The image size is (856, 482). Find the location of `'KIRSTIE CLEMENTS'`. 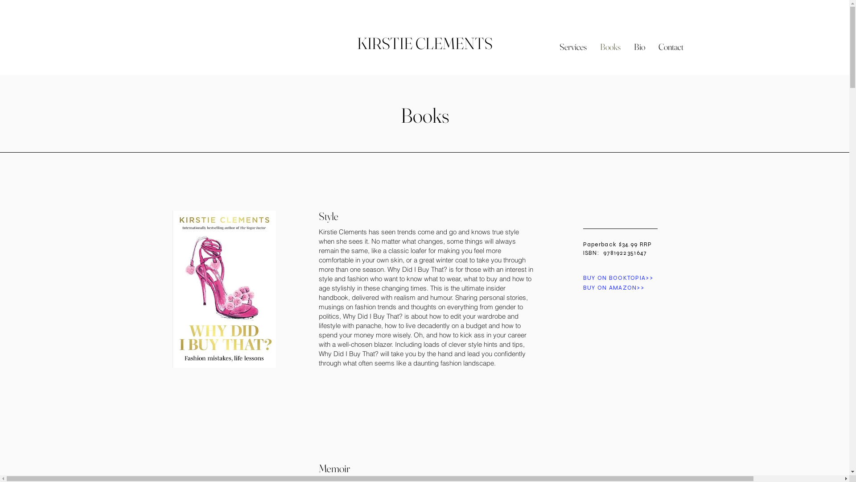

'KIRSTIE CLEMENTS' is located at coordinates (424, 43).